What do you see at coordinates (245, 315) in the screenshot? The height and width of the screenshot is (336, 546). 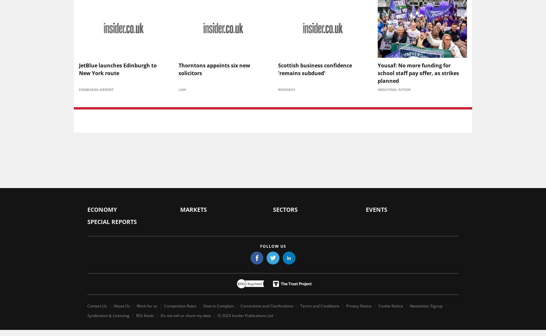 I see `'© 2023 Insider Publications Ltd'` at bounding box center [245, 315].